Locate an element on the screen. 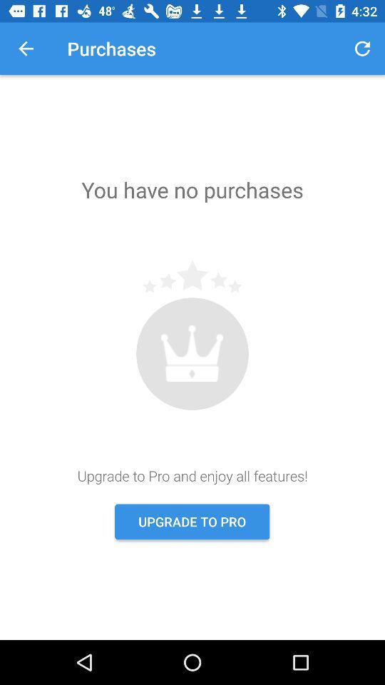 This screenshot has height=685, width=385. item next to the purchases is located at coordinates (362, 49).